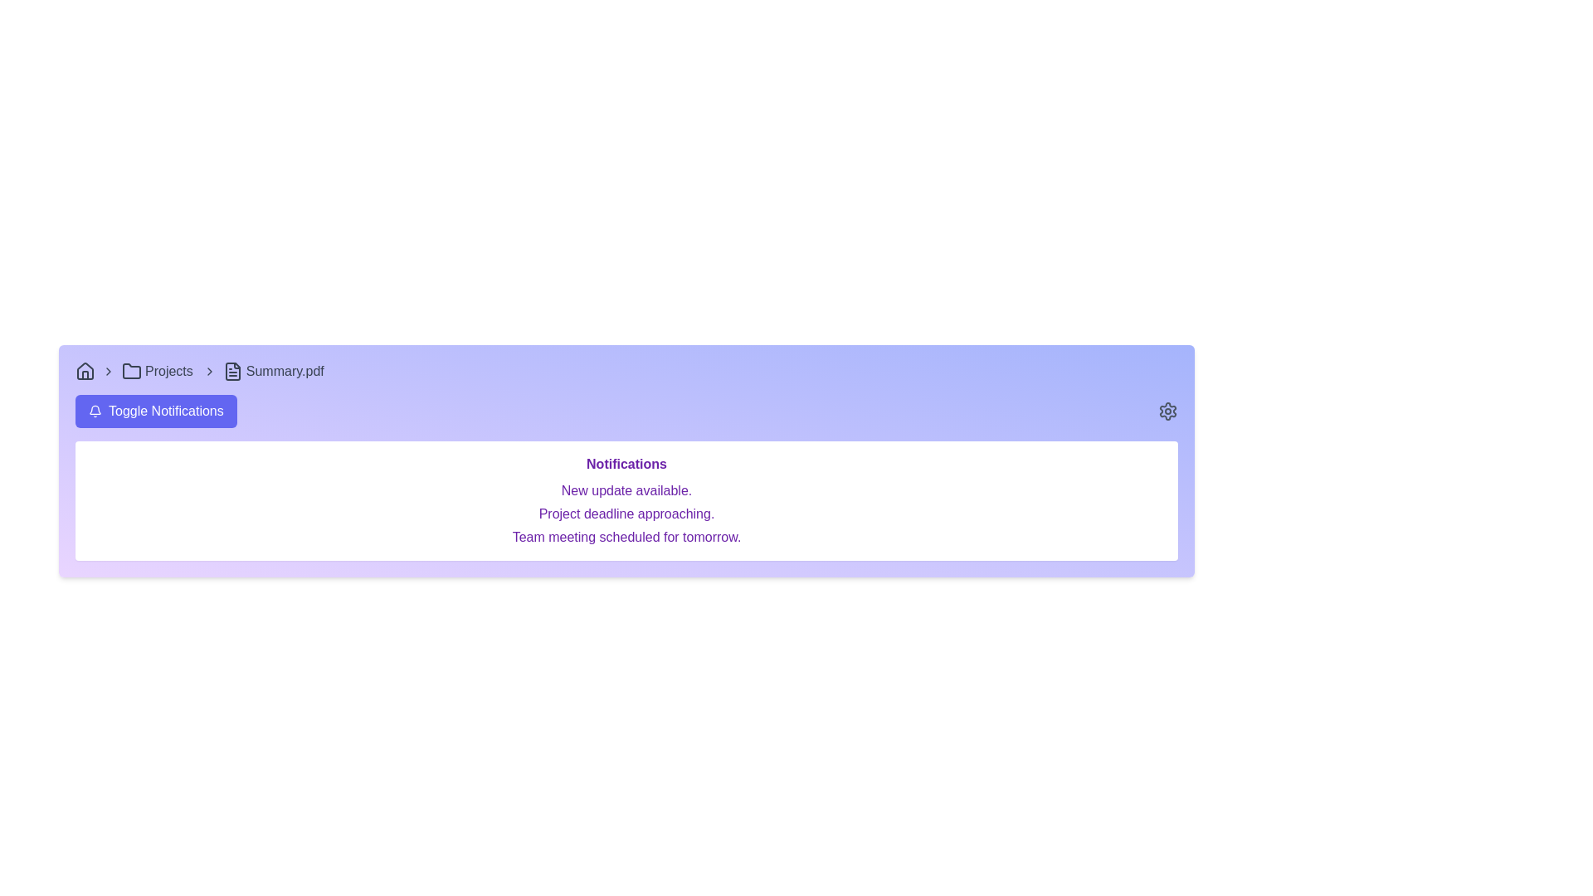 The image size is (1593, 896). I want to click on the rectangular file icon in the breadcrumb navigation bar, positioned between the 'Projects' folder icon and the 'Summary.pdf' text, so click(231, 370).